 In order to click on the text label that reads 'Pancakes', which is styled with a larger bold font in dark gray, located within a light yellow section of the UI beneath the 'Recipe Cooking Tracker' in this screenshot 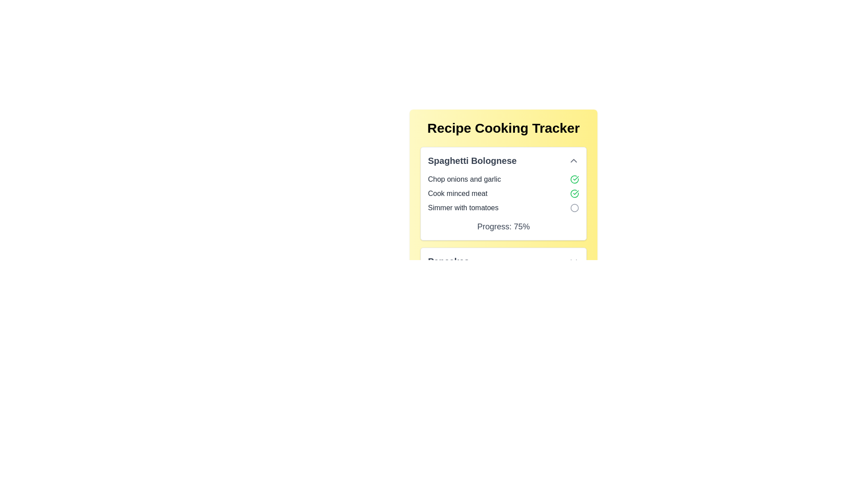, I will do `click(449, 261)`.